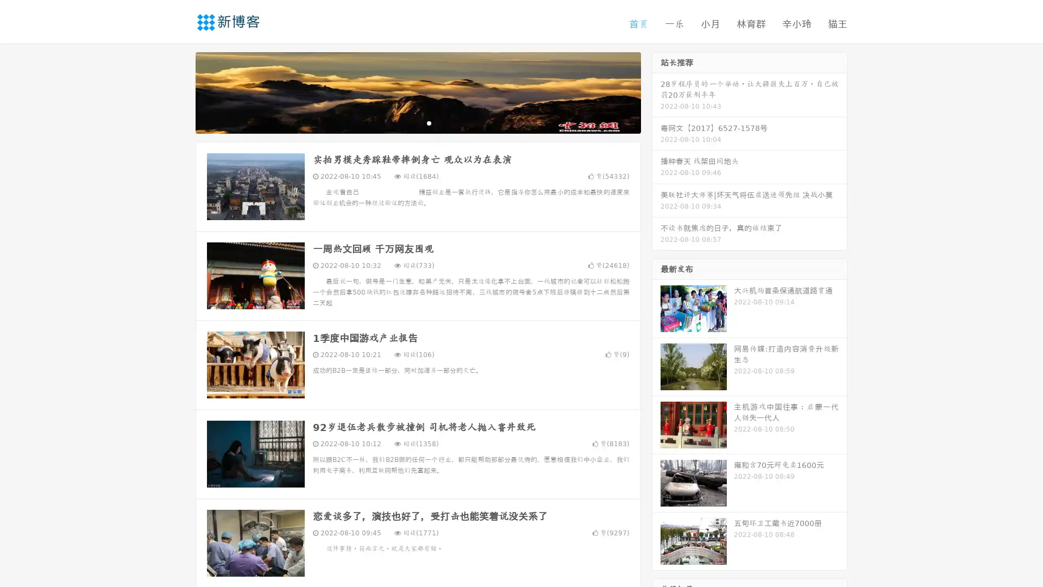 The image size is (1043, 587). Describe the element at coordinates (656, 91) in the screenshot. I see `Next slide` at that location.